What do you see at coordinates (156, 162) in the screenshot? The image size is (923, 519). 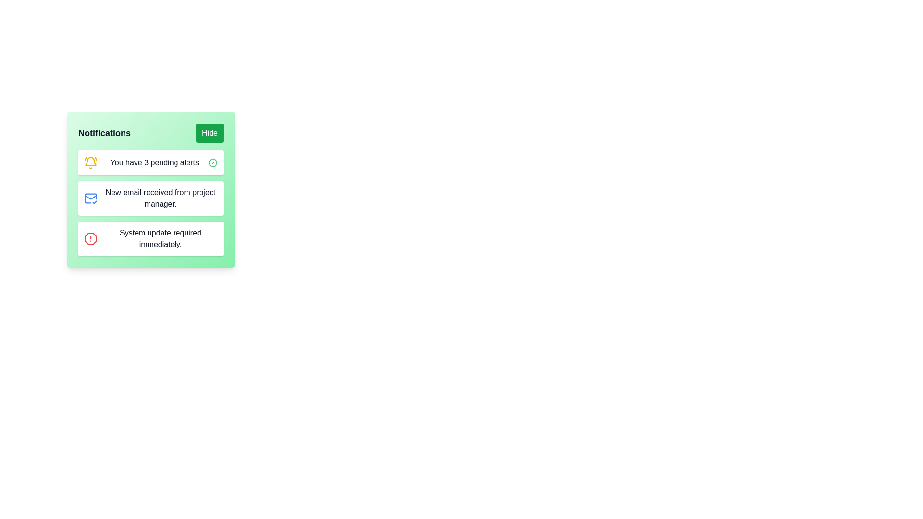 I see `the static text element that conveys notification messages about pending alerts, located at the top of the notification card interface` at bounding box center [156, 162].